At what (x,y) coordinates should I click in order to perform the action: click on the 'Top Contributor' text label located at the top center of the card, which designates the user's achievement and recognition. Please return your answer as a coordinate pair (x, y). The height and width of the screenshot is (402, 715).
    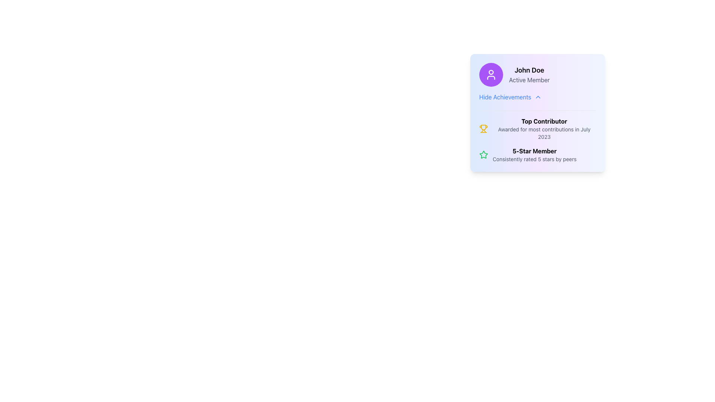
    Looking at the image, I should click on (544, 121).